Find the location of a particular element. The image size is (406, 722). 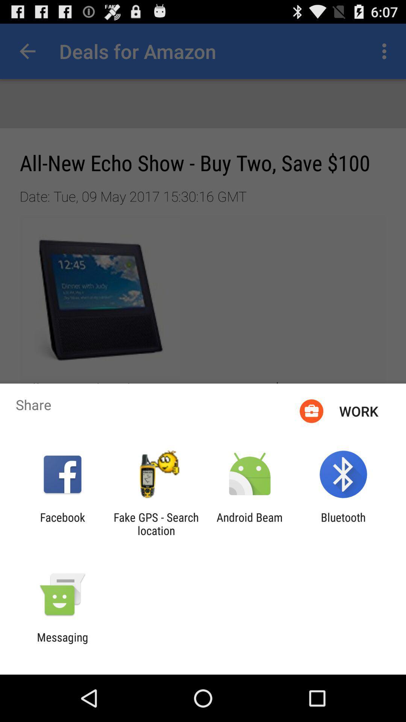

fake gps search item is located at coordinates (156, 523).